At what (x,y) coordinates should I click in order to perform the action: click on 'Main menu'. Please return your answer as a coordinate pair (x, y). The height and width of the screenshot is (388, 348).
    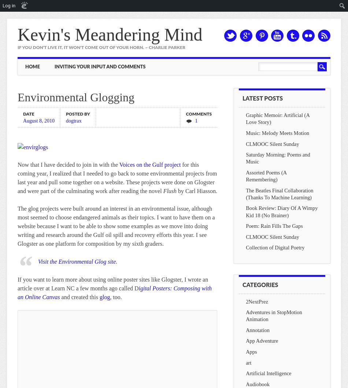
    Looking at the image, I should click on (49, 64).